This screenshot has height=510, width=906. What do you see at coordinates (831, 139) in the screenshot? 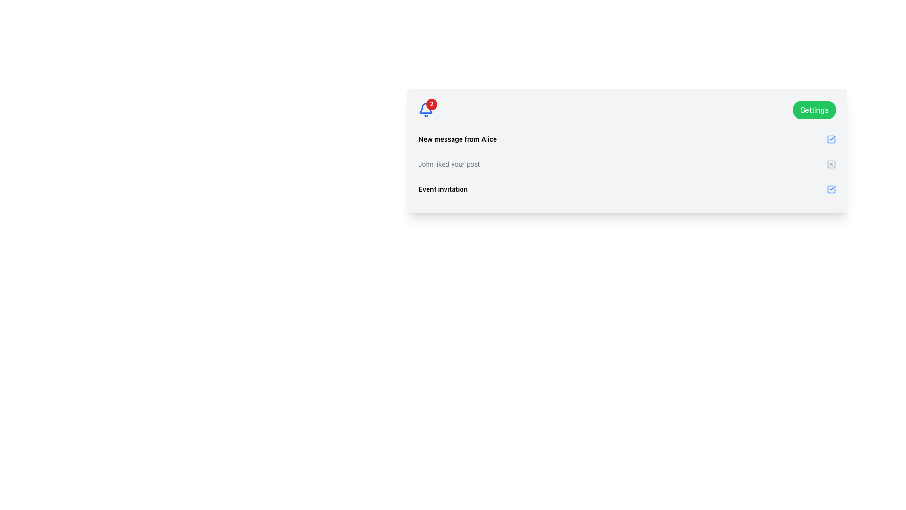
I see `the interactive icon located to the right of the text 'New message from Alice' to mark the notification as read or completed` at bounding box center [831, 139].